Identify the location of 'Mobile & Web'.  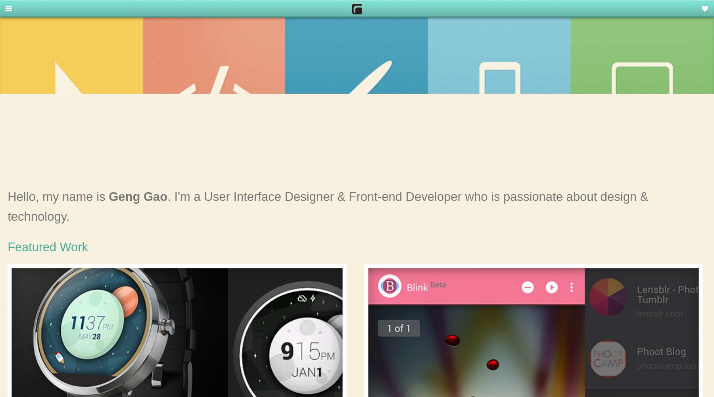
(37, 77).